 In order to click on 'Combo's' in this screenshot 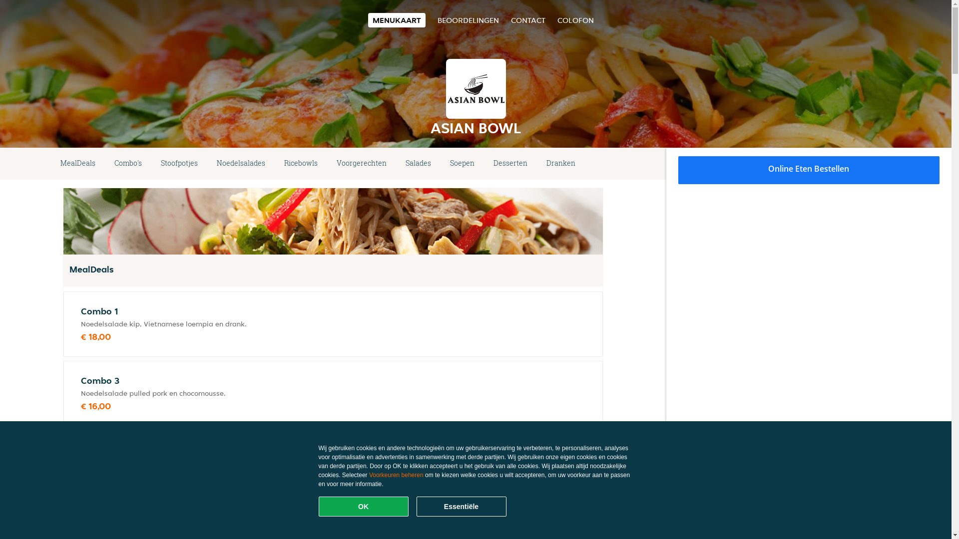, I will do `click(105, 163)`.